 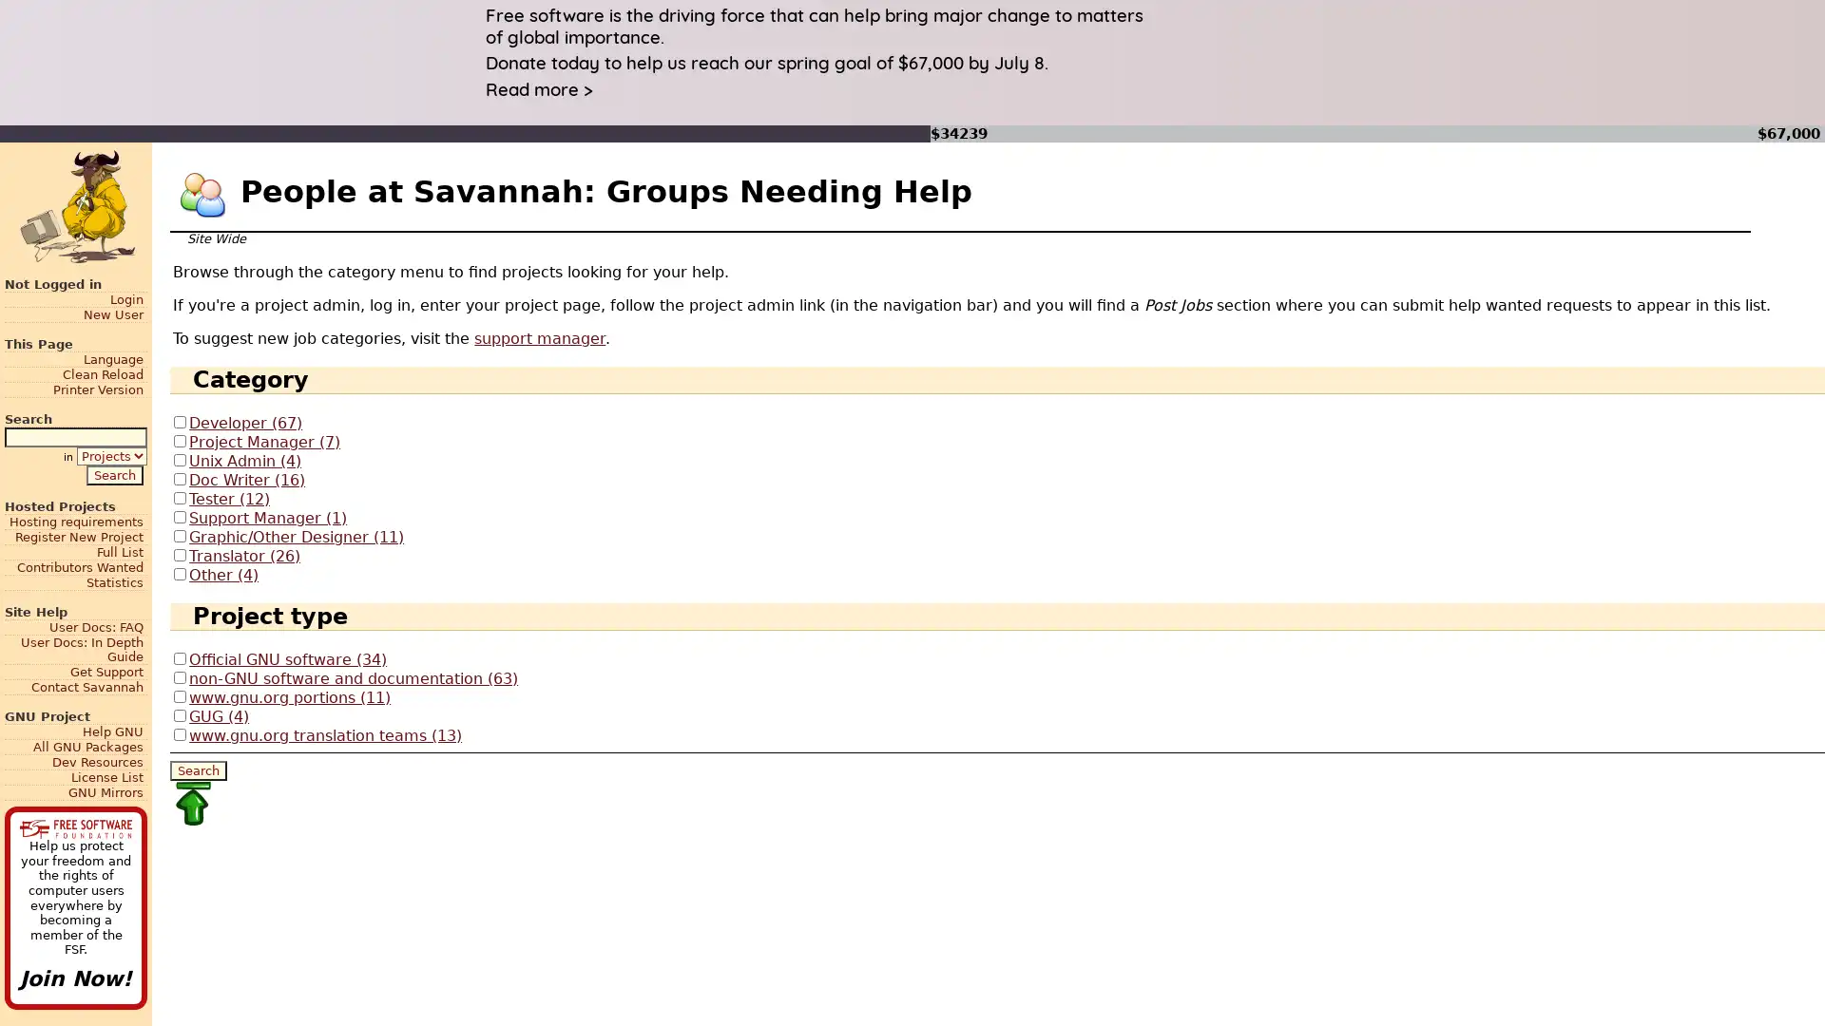 I want to click on Search, so click(x=113, y=473).